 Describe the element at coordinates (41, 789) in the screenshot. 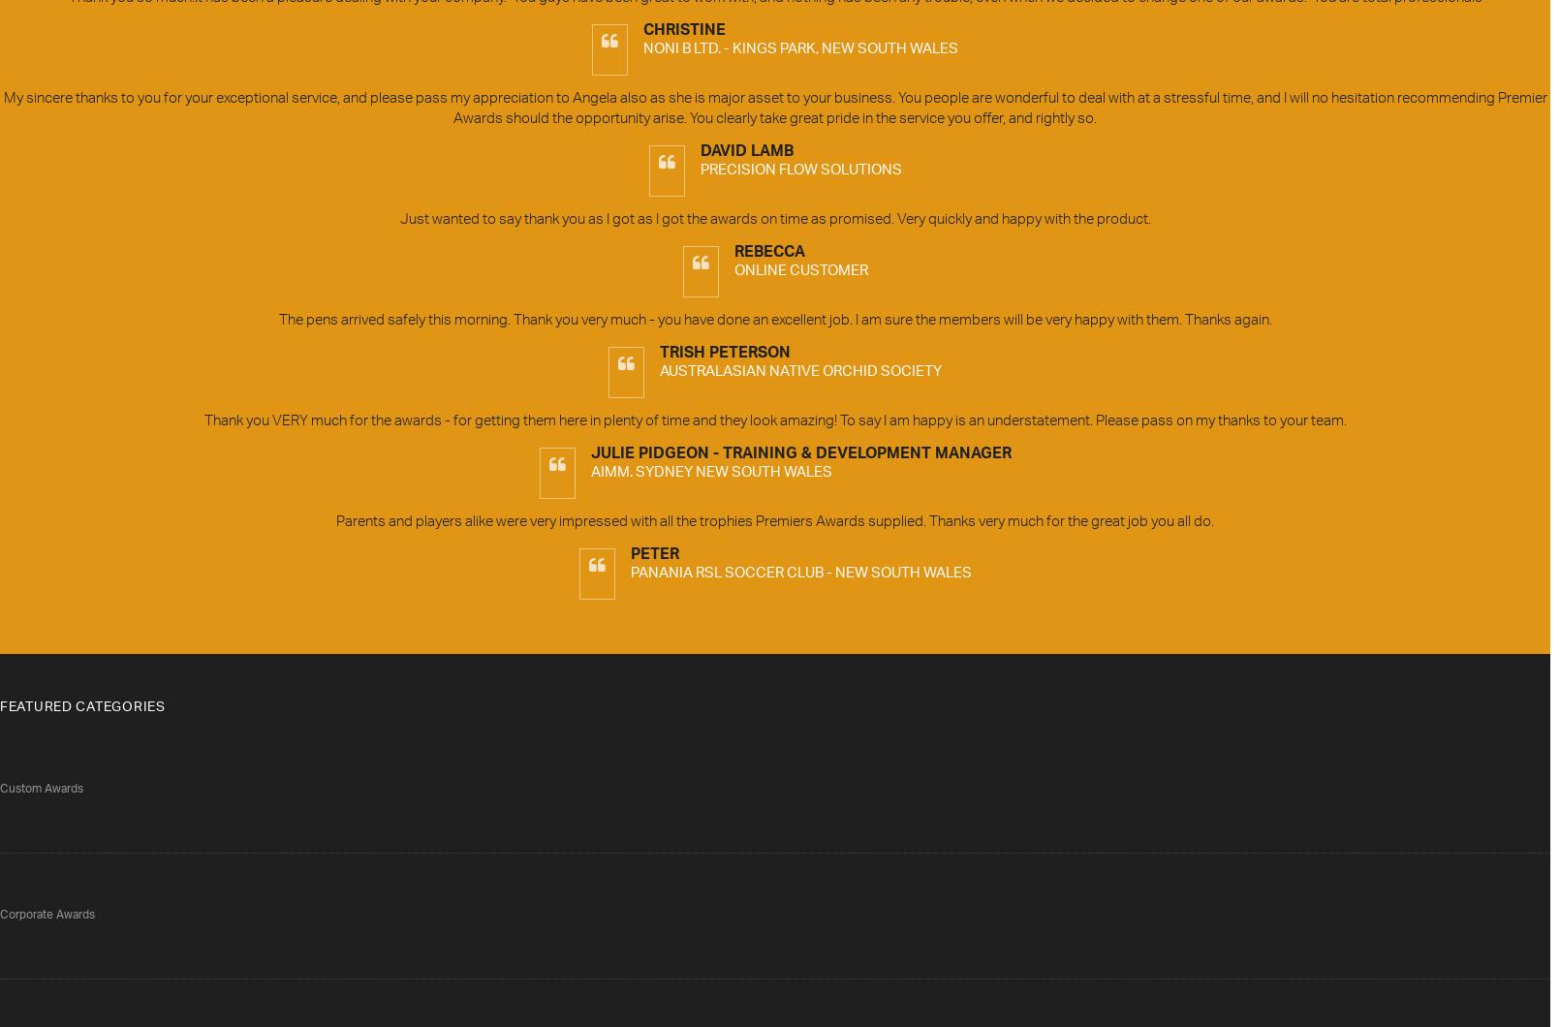

I see `'Custom Awards'` at that location.